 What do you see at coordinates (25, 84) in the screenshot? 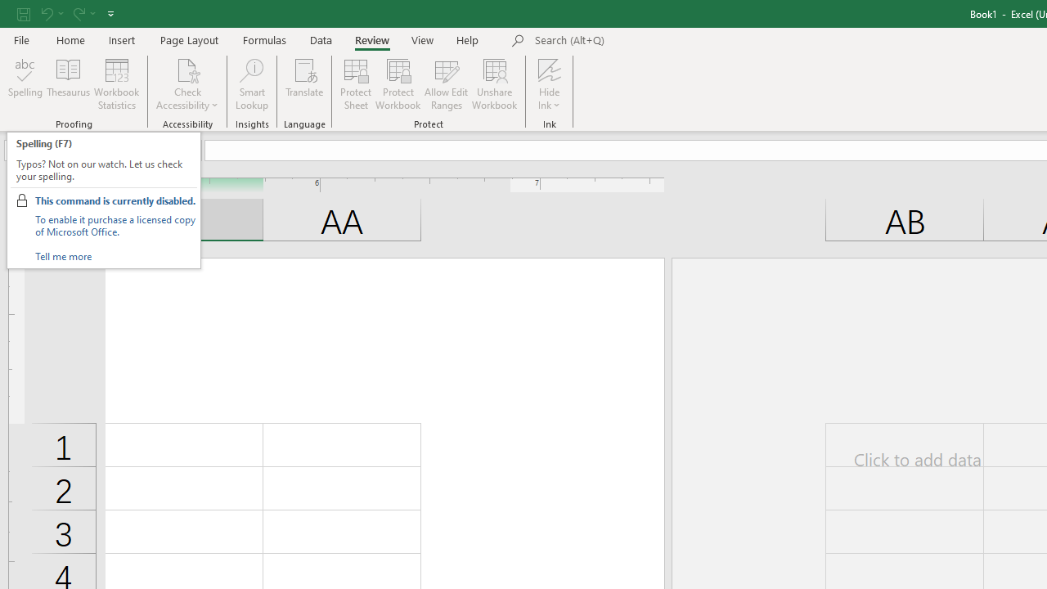
I see `'Spelling...'` at bounding box center [25, 84].